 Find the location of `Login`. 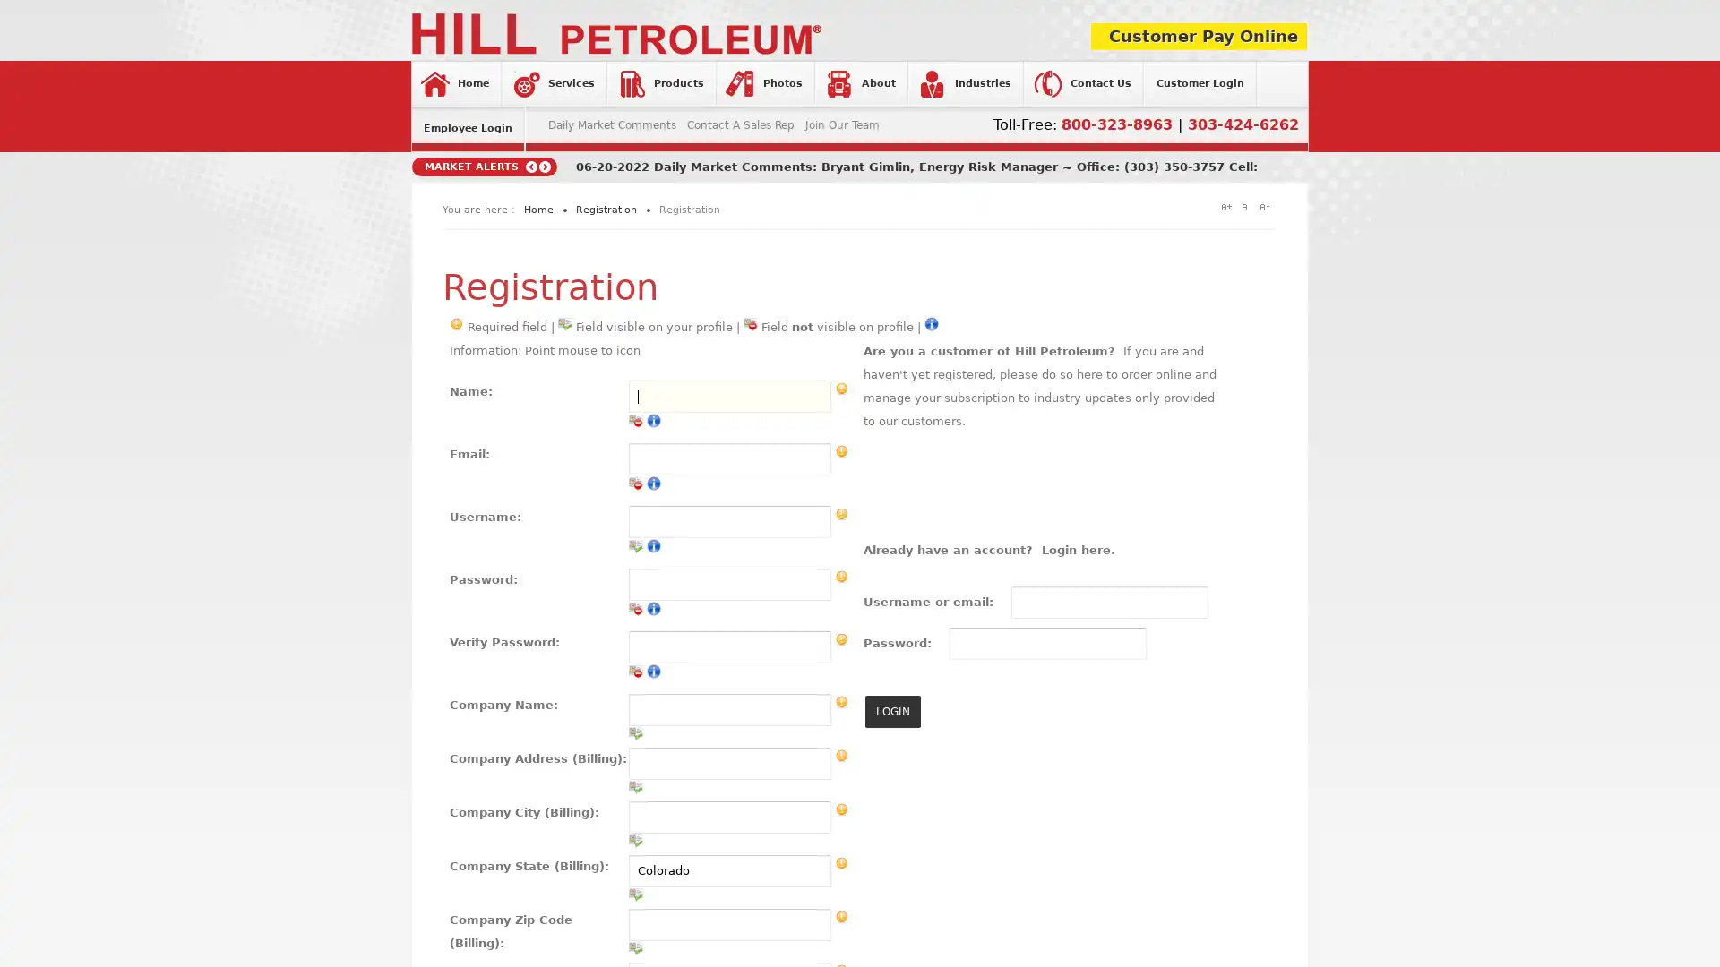

Login is located at coordinates (742, 325).